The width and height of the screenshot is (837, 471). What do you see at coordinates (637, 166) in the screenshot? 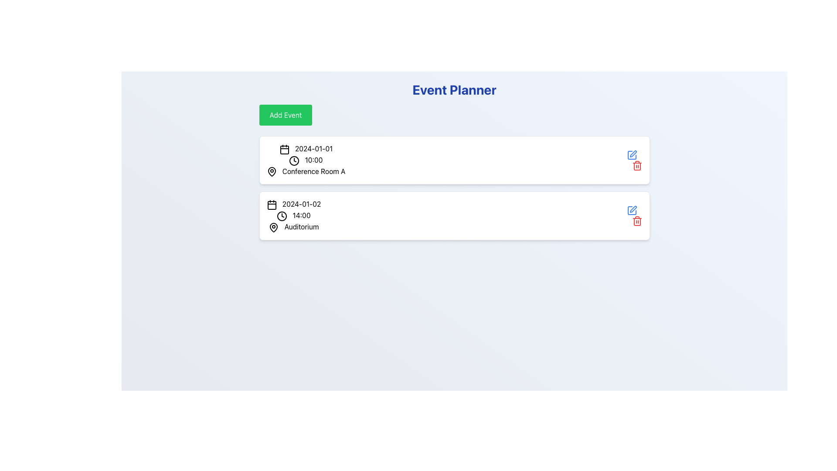
I see `the trash can icon's vector graphic element, which is part of the delete functionality for removing an event entry` at bounding box center [637, 166].